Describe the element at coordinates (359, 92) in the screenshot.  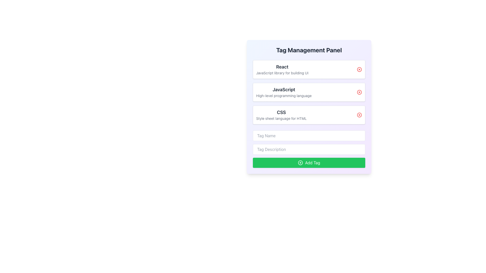
I see `the delete button located at the far right end of the row labeled 'JavaScript'` at that location.